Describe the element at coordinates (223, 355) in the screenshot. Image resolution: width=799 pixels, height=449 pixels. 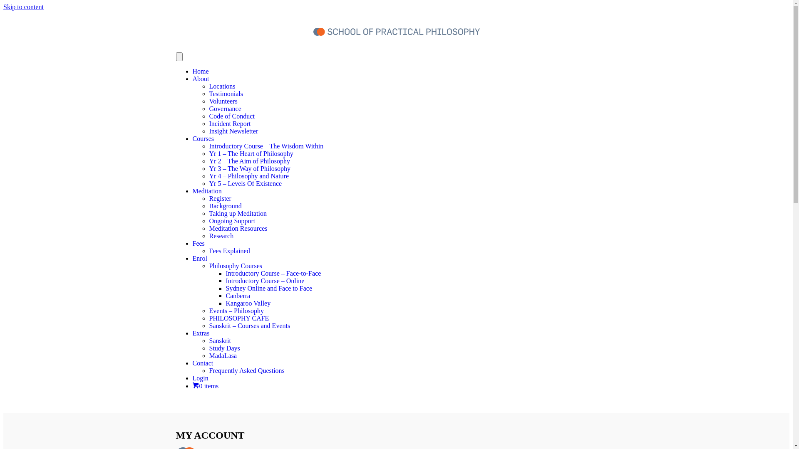
I see `'MadaLasa'` at that location.